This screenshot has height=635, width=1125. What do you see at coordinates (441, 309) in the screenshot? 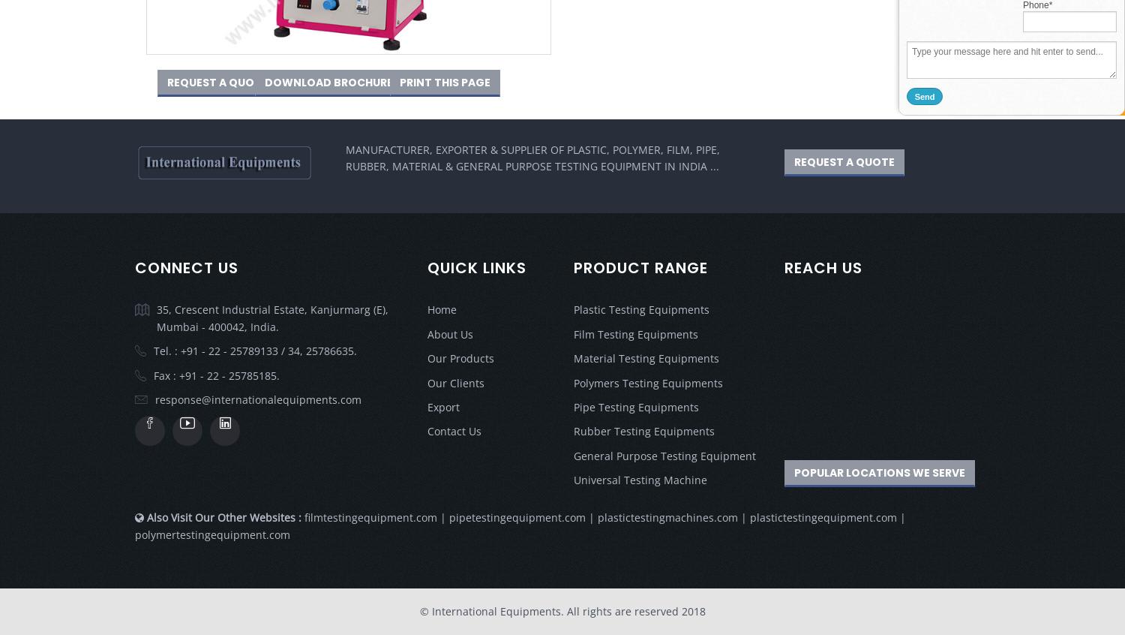
I see `'Home'` at bounding box center [441, 309].